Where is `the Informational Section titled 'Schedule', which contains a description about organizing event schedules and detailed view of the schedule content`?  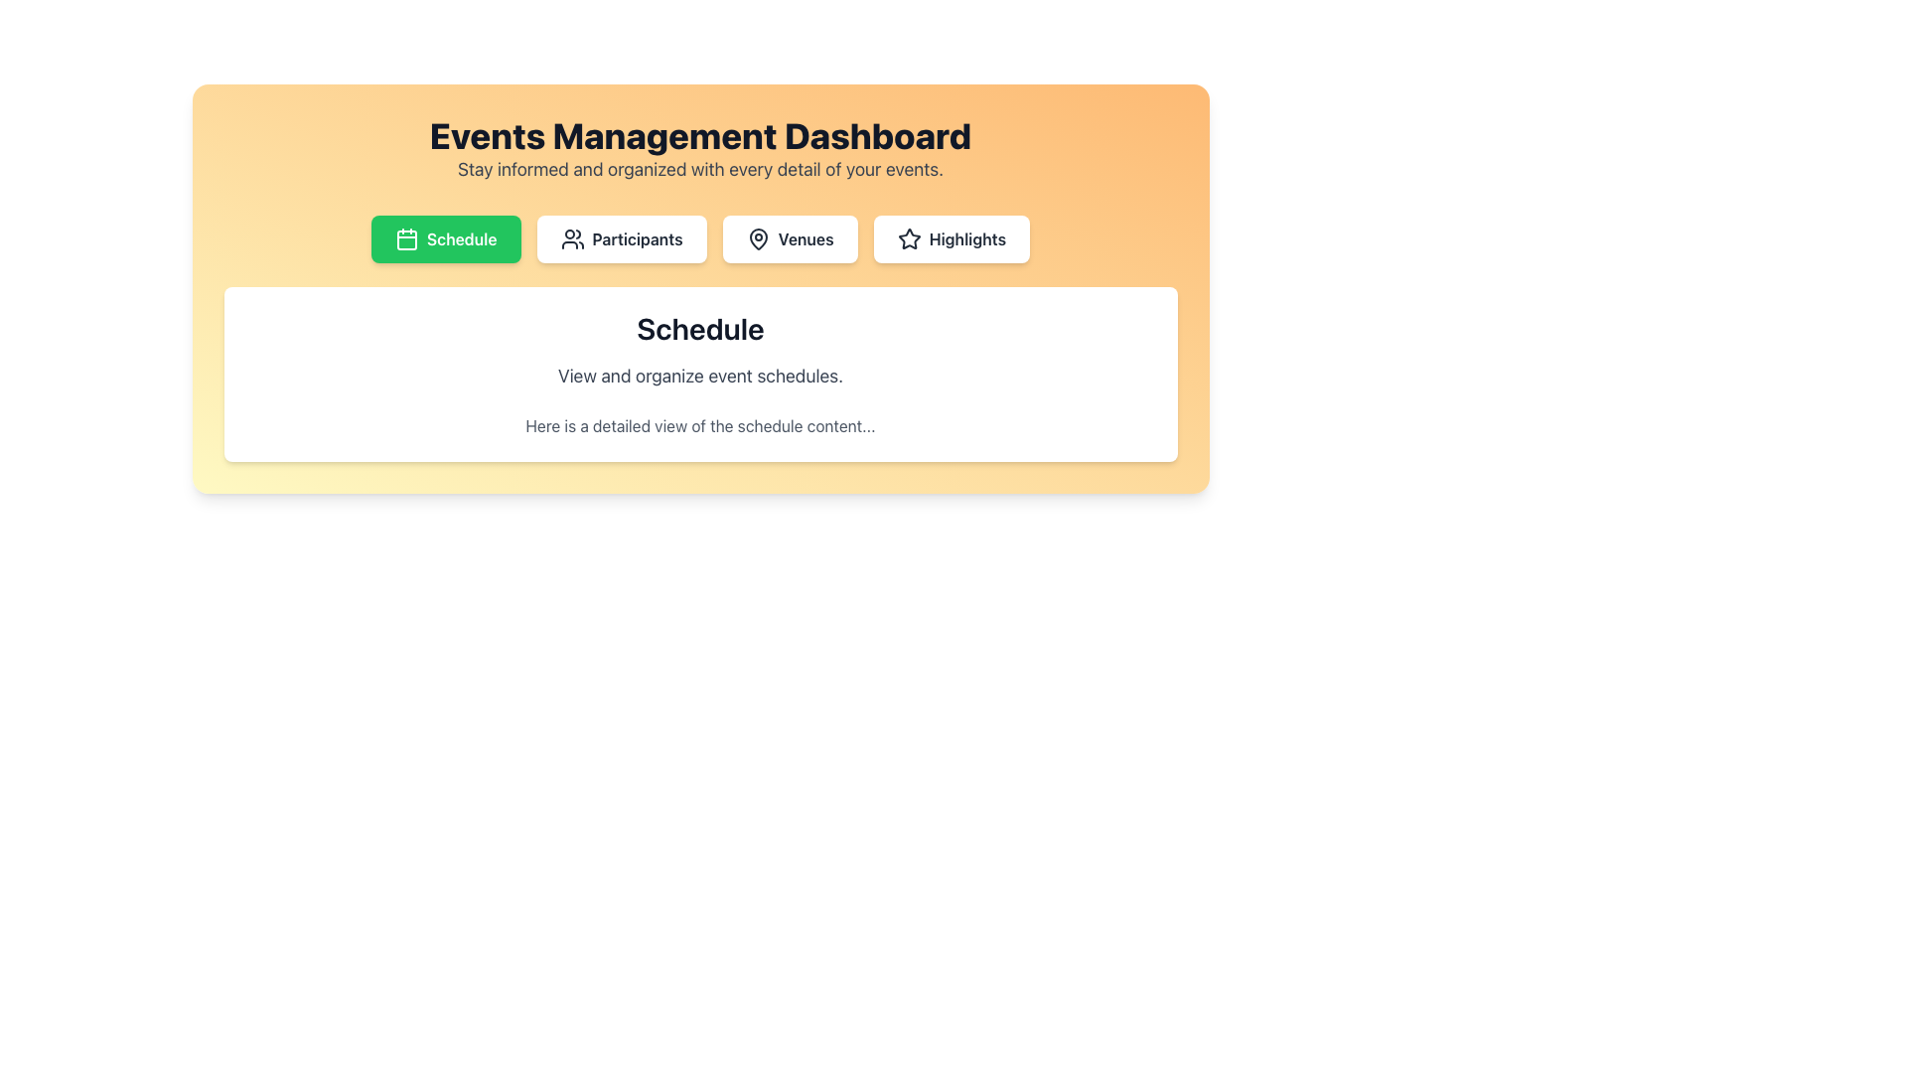 the Informational Section titled 'Schedule', which contains a description about organizing event schedules and detailed view of the schedule content is located at coordinates (700, 375).